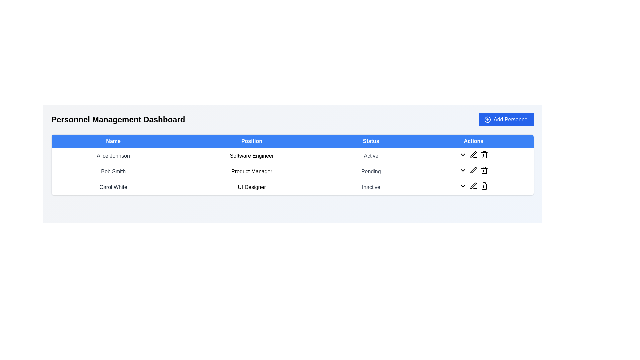 Image resolution: width=640 pixels, height=360 pixels. What do you see at coordinates (113, 141) in the screenshot?
I see `the 'Name' header label in the table, which is the first column header among 'Name', 'Position', 'Status', and 'Actions'` at bounding box center [113, 141].